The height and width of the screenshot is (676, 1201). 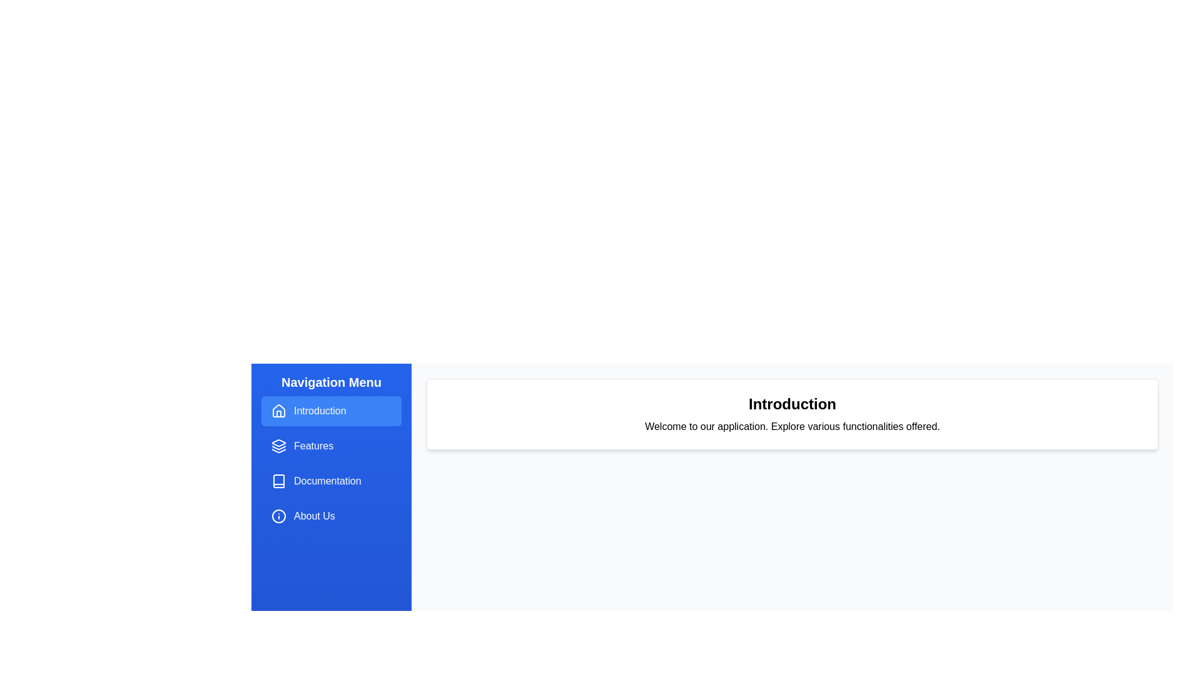 What do you see at coordinates (331, 516) in the screenshot?
I see `the 'About Us' navigation menu button, which features white text and an 'info' icon on a blue background` at bounding box center [331, 516].